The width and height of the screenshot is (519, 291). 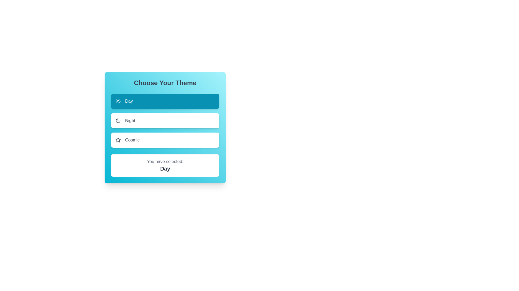 What do you see at coordinates (118, 140) in the screenshot?
I see `the leftmost icon representing the 'Cosmic' theme, which serves a decorative purpose and is located to the far left of the text 'Cosmic'` at bounding box center [118, 140].